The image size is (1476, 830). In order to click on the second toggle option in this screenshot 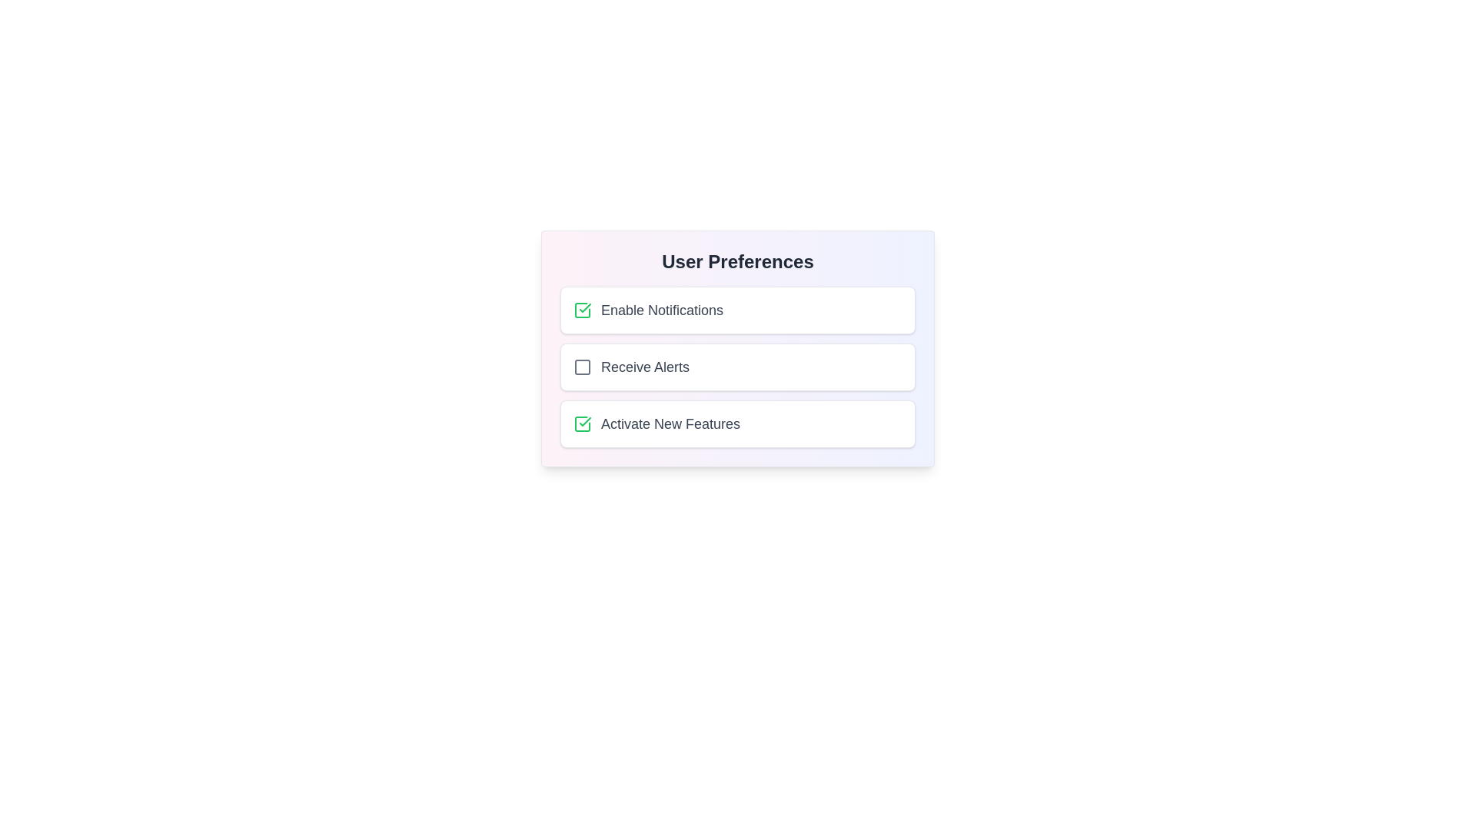, I will do `click(738, 367)`.